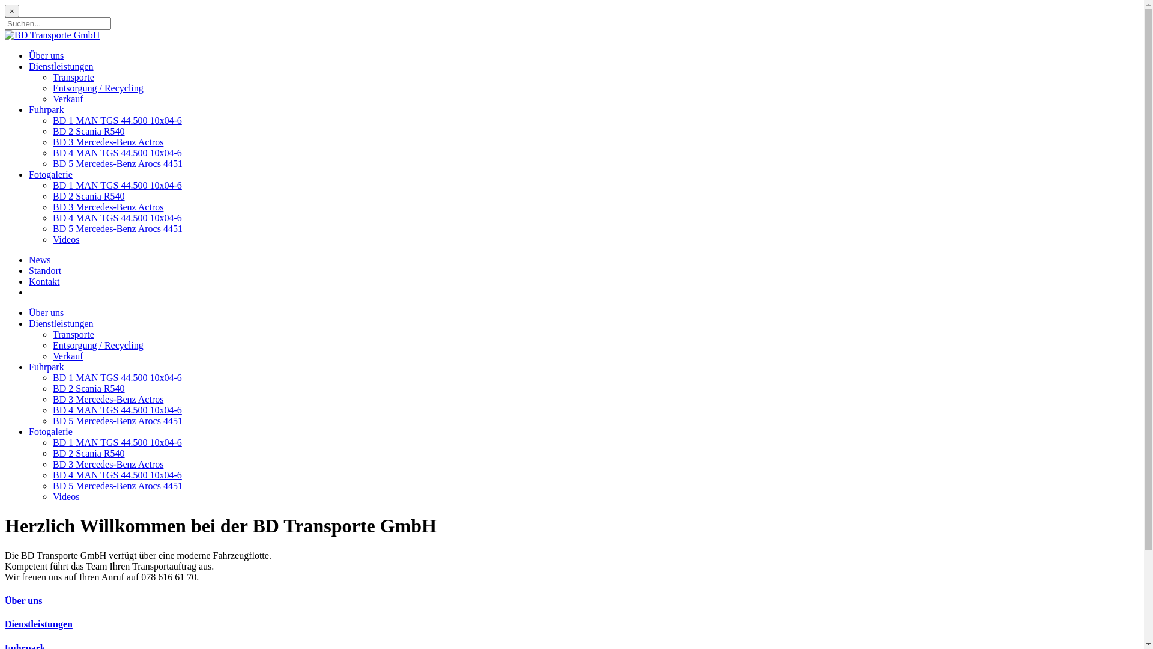  Describe the element at coordinates (52, 98) in the screenshot. I see `'Verkauf'` at that location.